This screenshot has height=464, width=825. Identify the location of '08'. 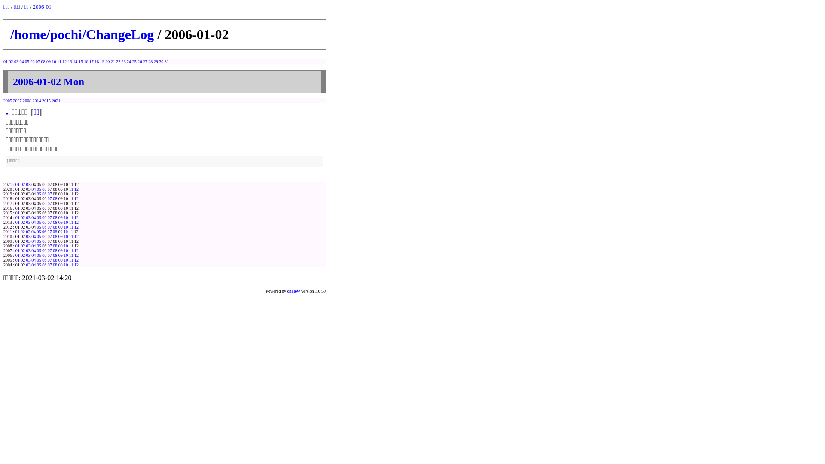
(55, 246).